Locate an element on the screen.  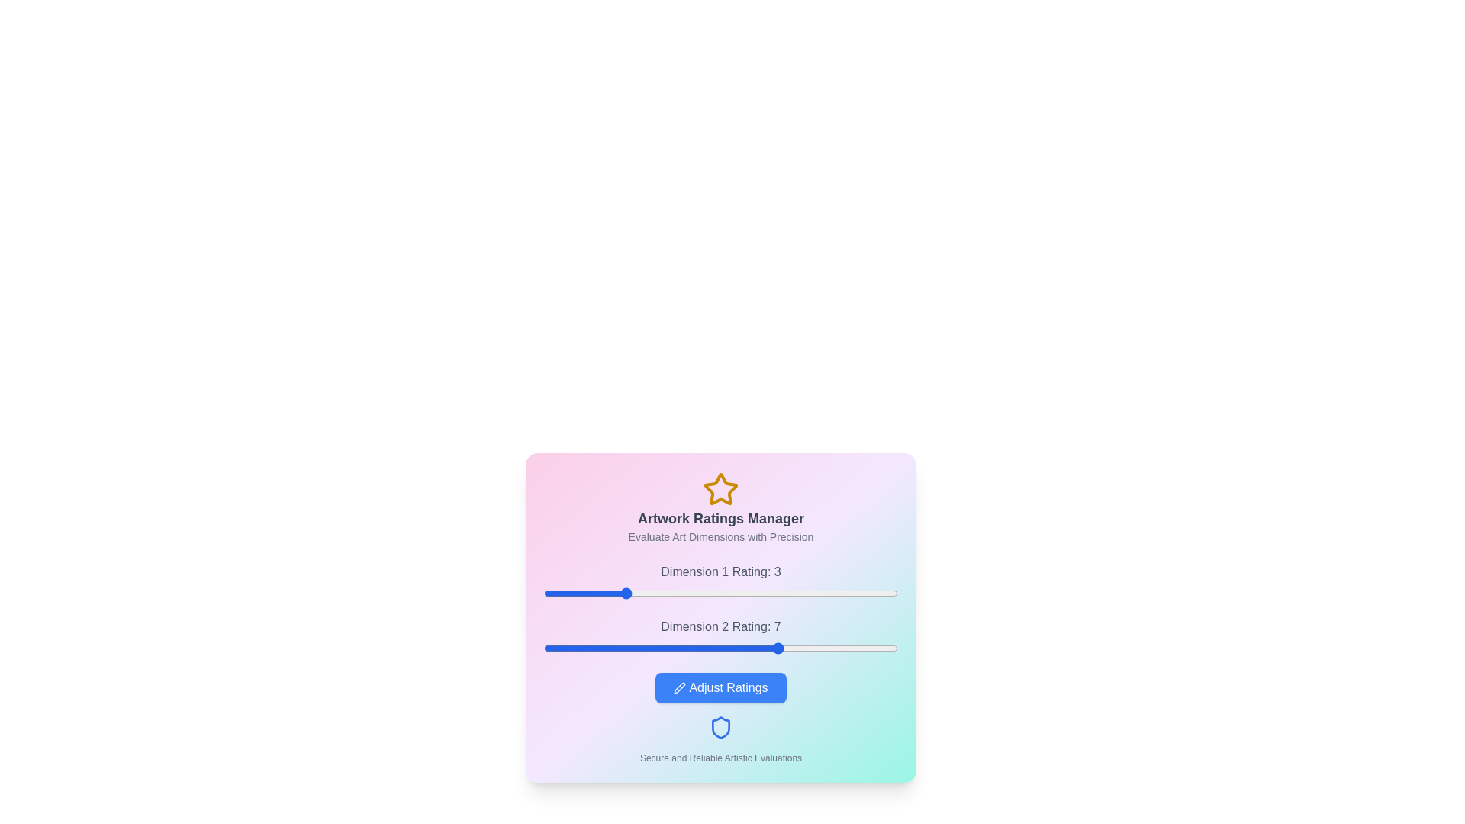
the first dimension rating to 1 by moving the slider is located at coordinates (544, 593).